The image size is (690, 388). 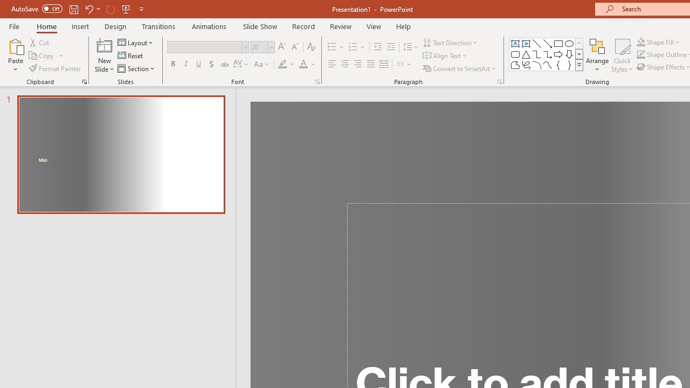 What do you see at coordinates (73, 9) in the screenshot?
I see `'Save'` at bounding box center [73, 9].